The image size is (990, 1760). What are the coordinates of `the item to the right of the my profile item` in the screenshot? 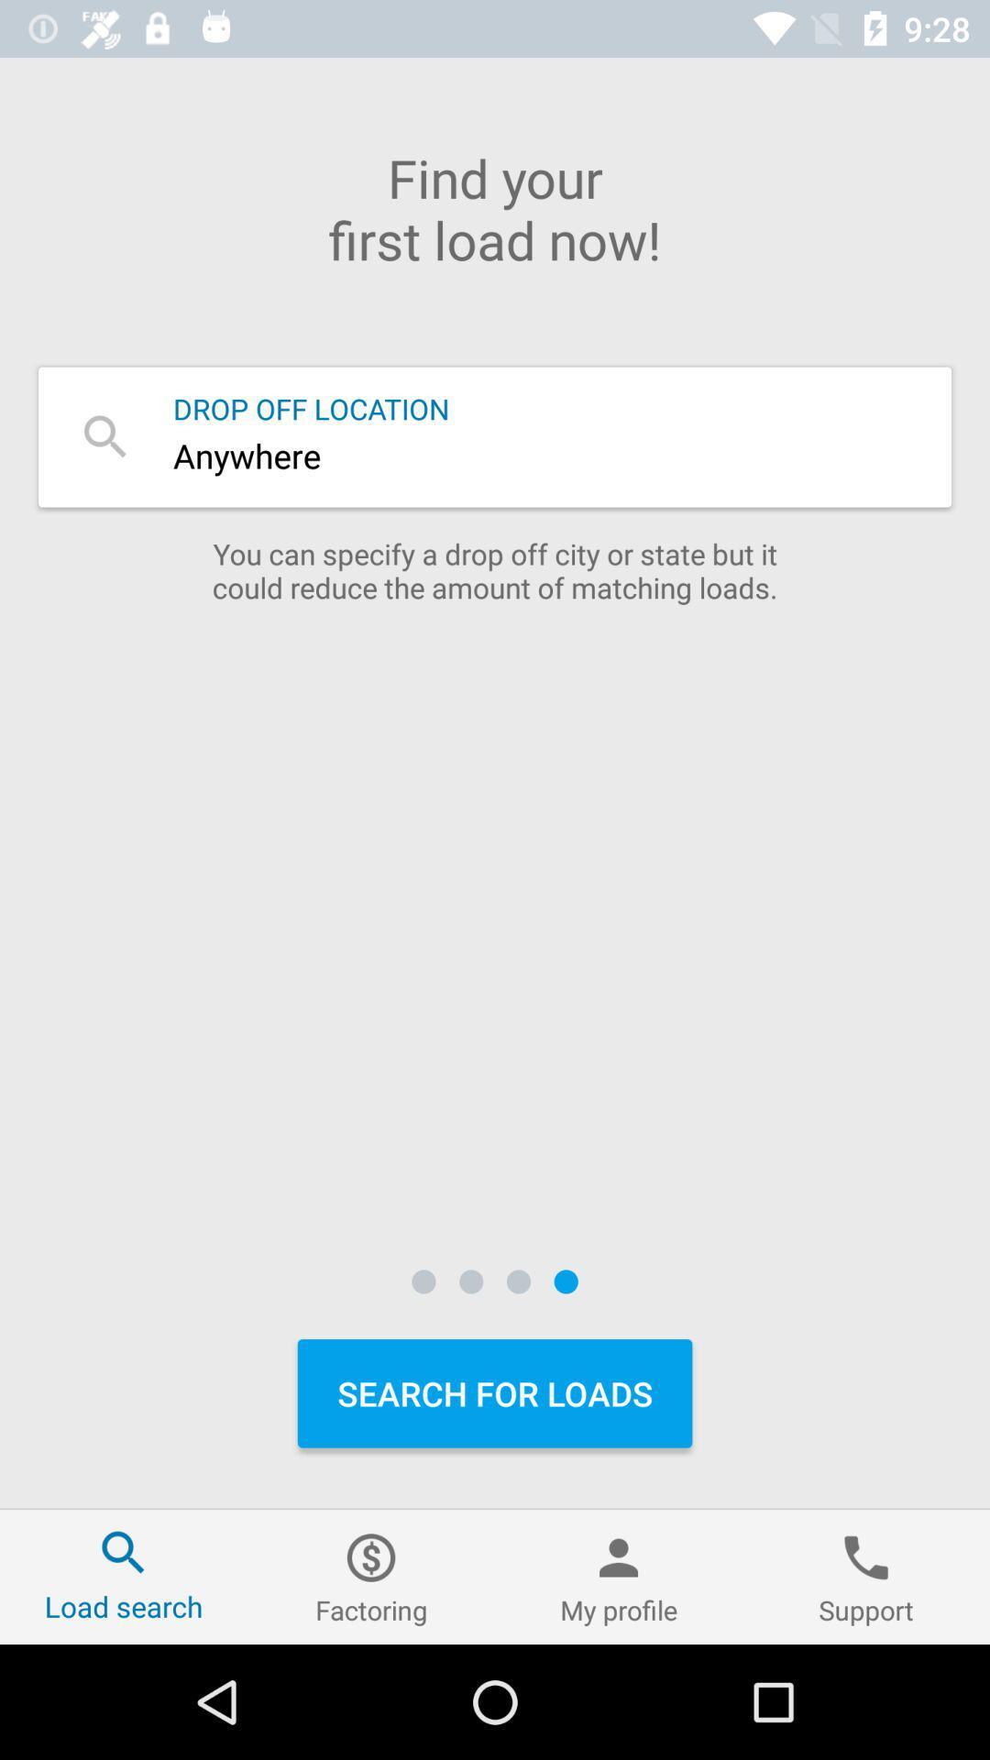 It's located at (866, 1576).